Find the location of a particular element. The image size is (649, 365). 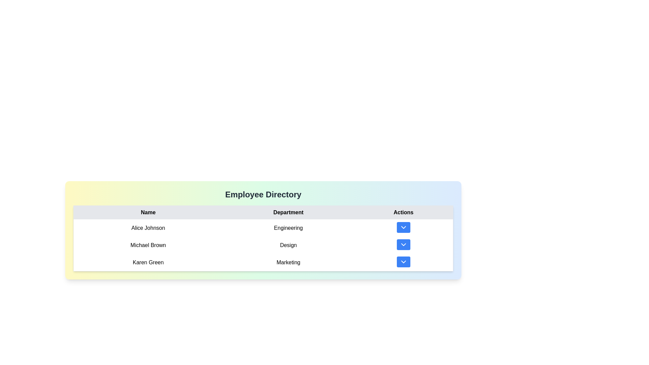

the chevron icon indicating a dropdown menu for the employee 'Karen Green' in the 'Marketing' department is located at coordinates (403, 262).